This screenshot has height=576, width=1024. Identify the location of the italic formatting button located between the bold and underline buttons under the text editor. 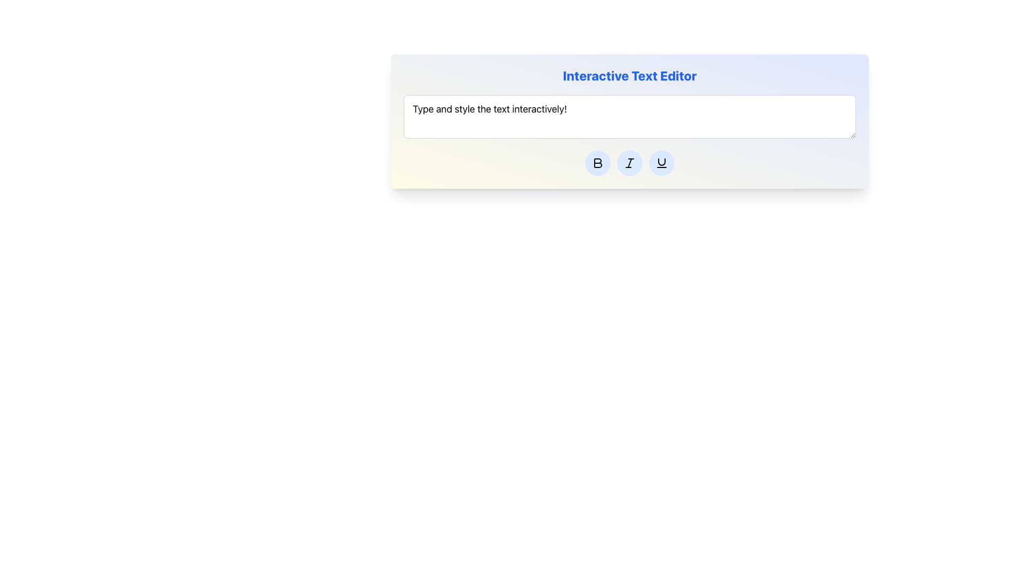
(629, 163).